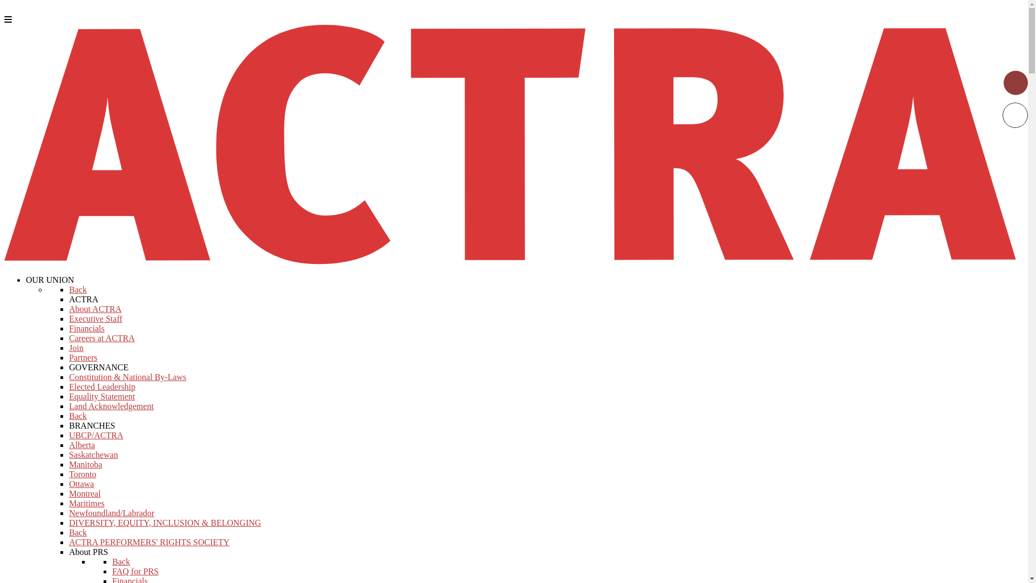 The height and width of the screenshot is (583, 1036). I want to click on 'UBCP/ACTRA', so click(96, 435).